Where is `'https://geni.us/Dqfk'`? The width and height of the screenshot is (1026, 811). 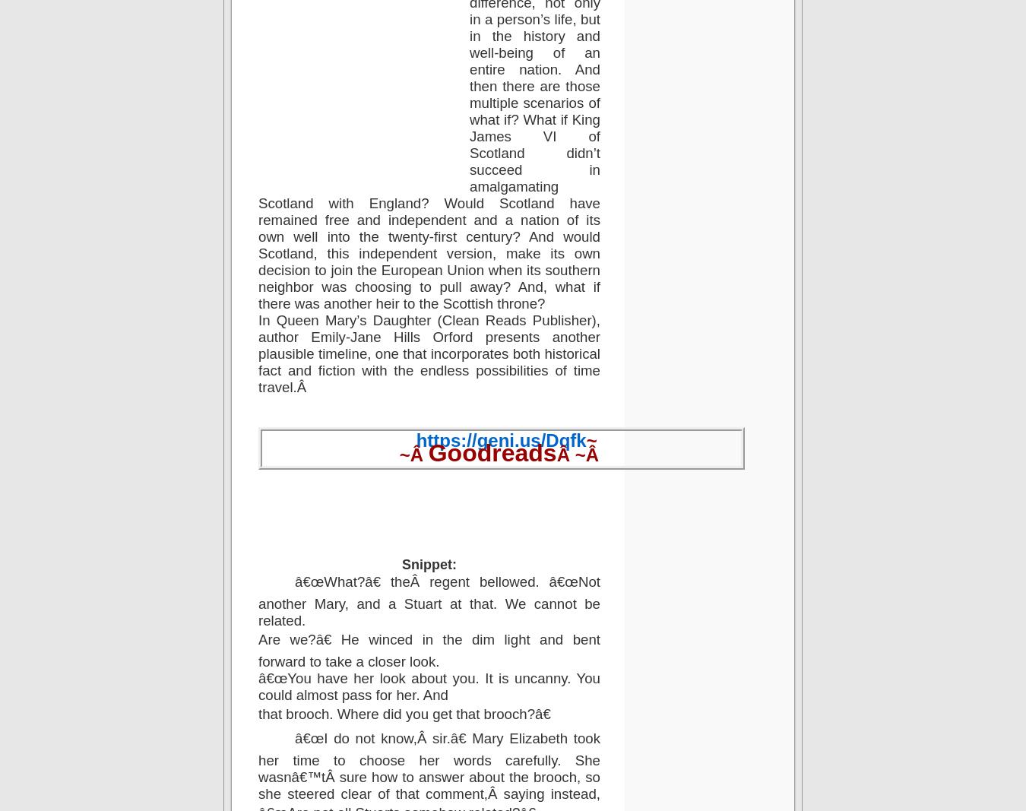 'https://geni.us/Dqfk' is located at coordinates (500, 439).